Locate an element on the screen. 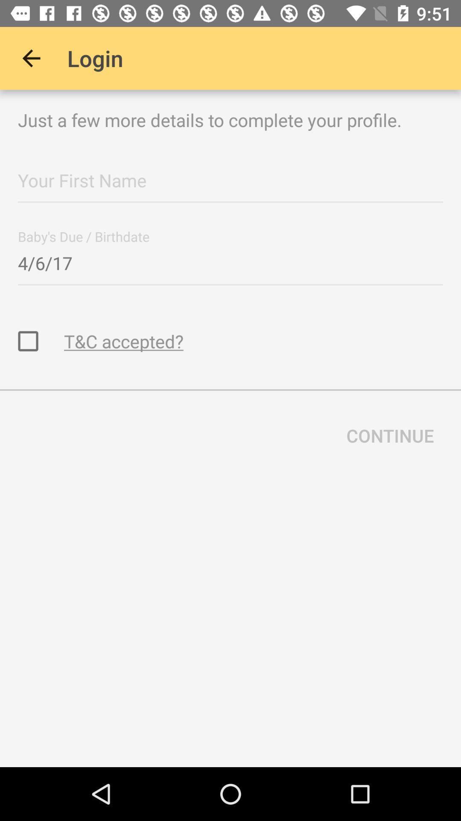  item on the right is located at coordinates (390, 435).